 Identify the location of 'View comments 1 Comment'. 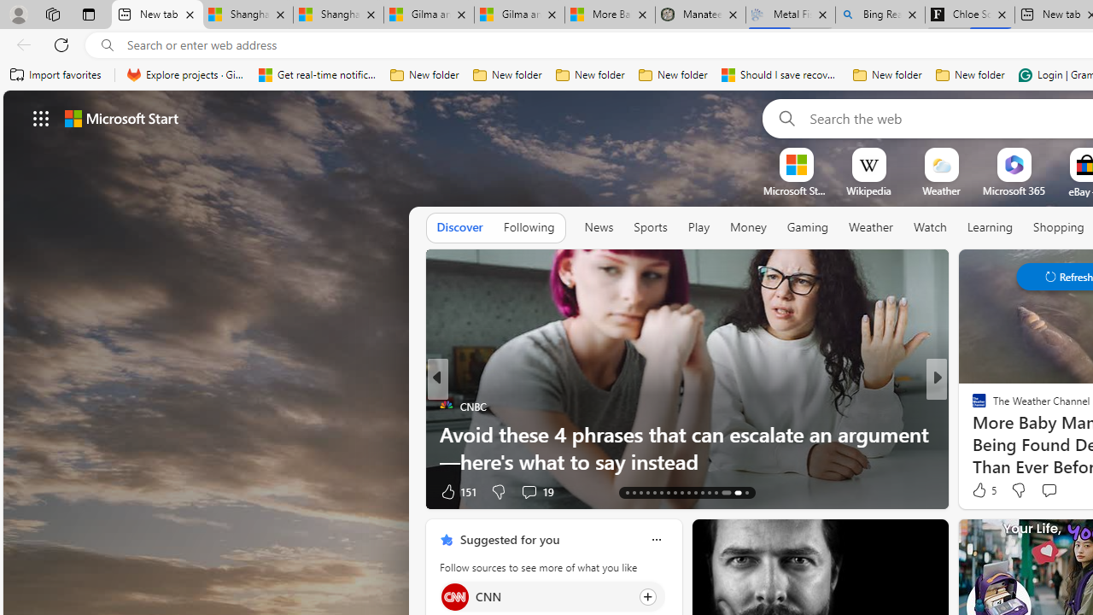
(1049, 491).